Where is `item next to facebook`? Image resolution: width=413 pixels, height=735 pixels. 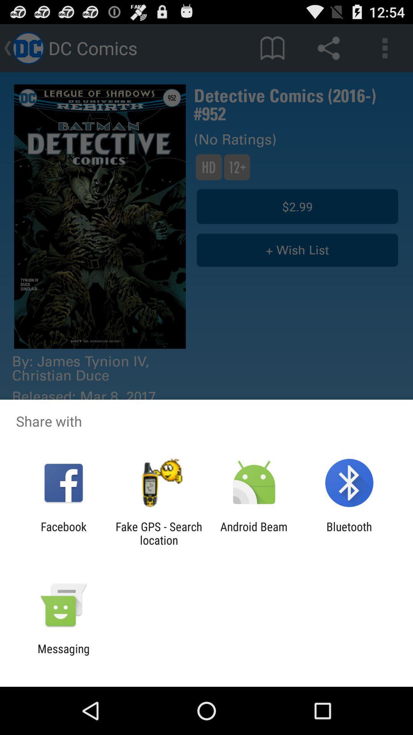
item next to facebook is located at coordinates (158, 533).